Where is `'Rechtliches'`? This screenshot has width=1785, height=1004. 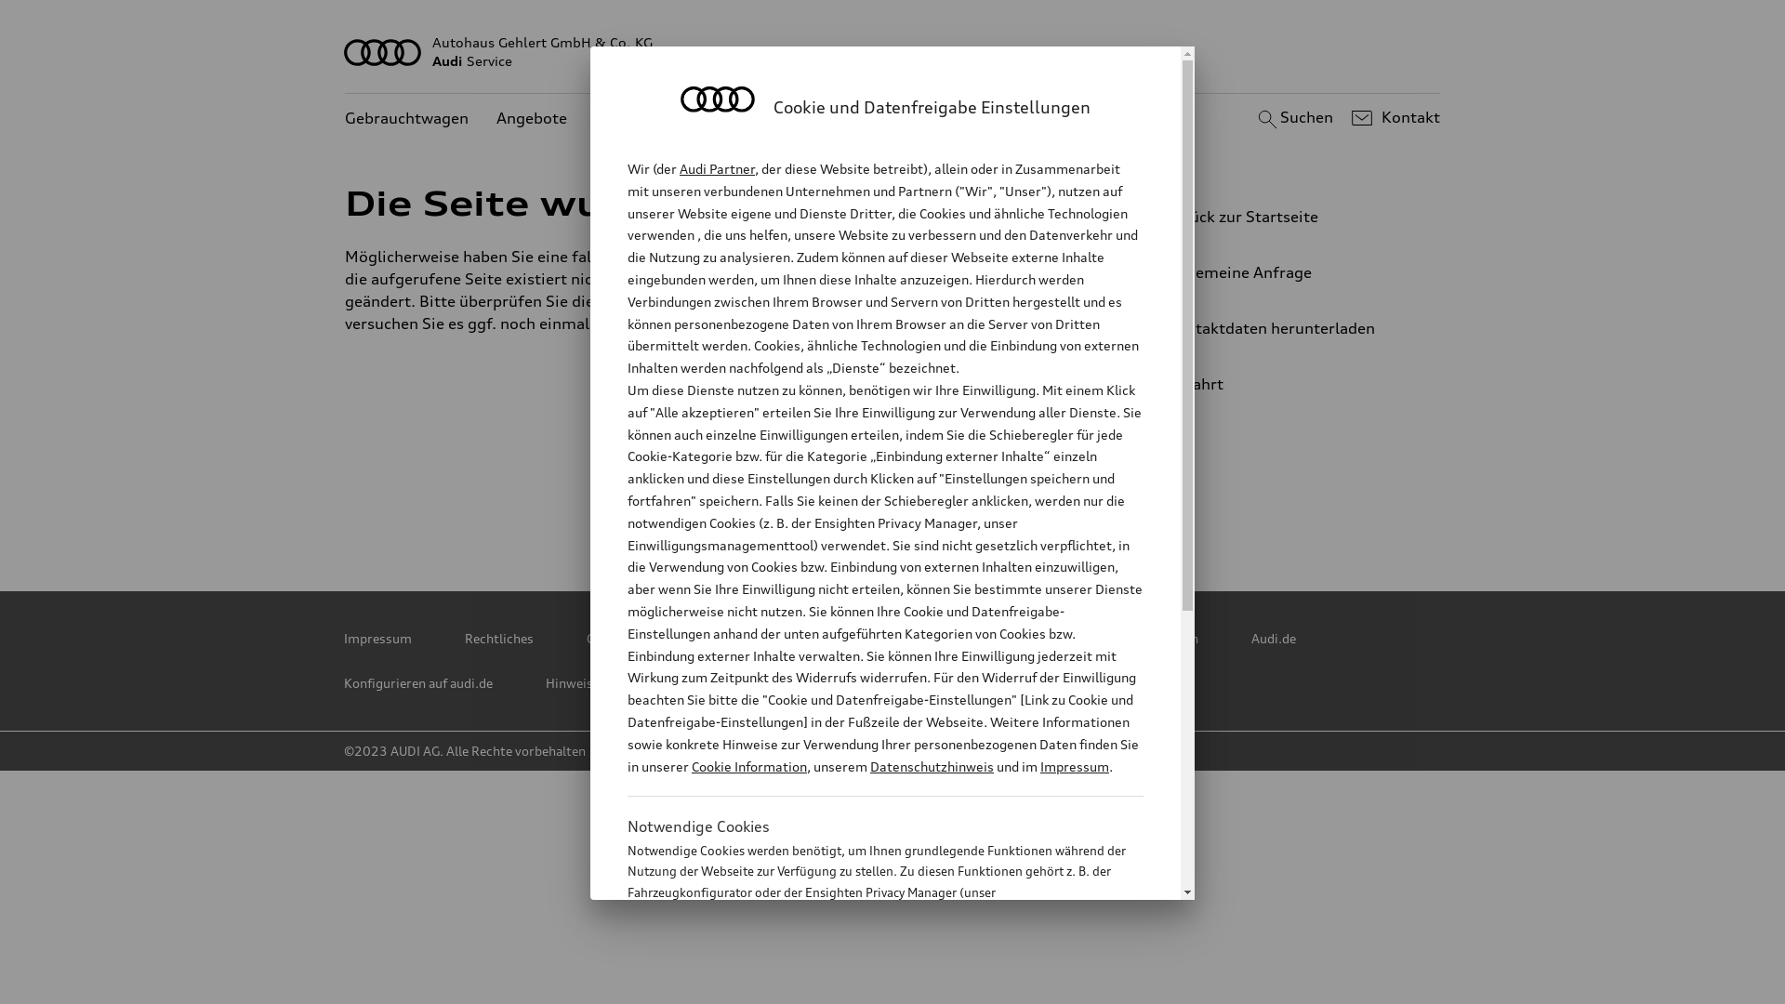
'Rechtliches' is located at coordinates (499, 637).